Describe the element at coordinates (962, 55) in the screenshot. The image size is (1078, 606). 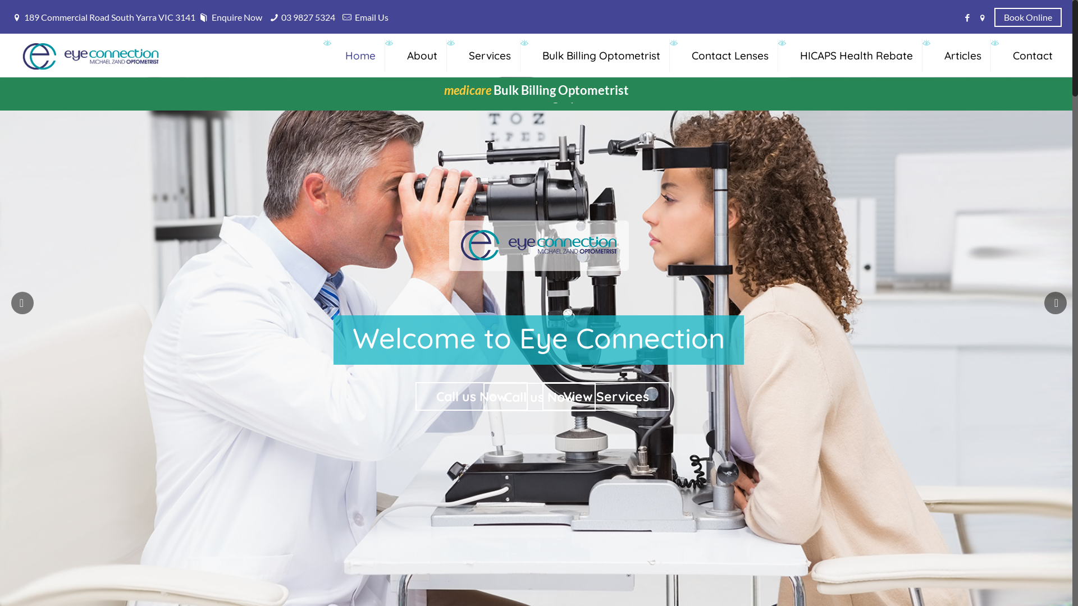
I see `'Articles'` at that location.